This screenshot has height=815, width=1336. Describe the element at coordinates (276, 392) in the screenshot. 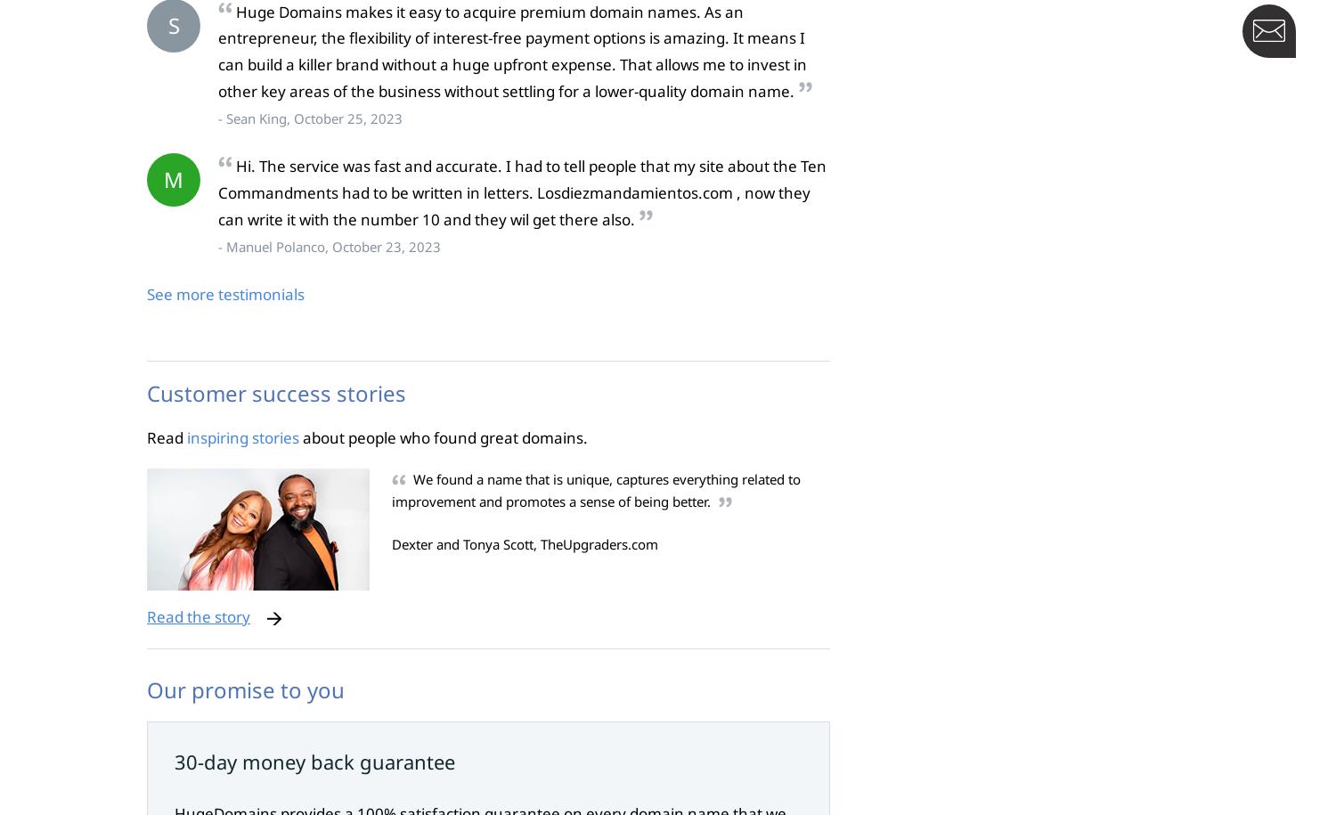

I see `'Customer success stories'` at that location.